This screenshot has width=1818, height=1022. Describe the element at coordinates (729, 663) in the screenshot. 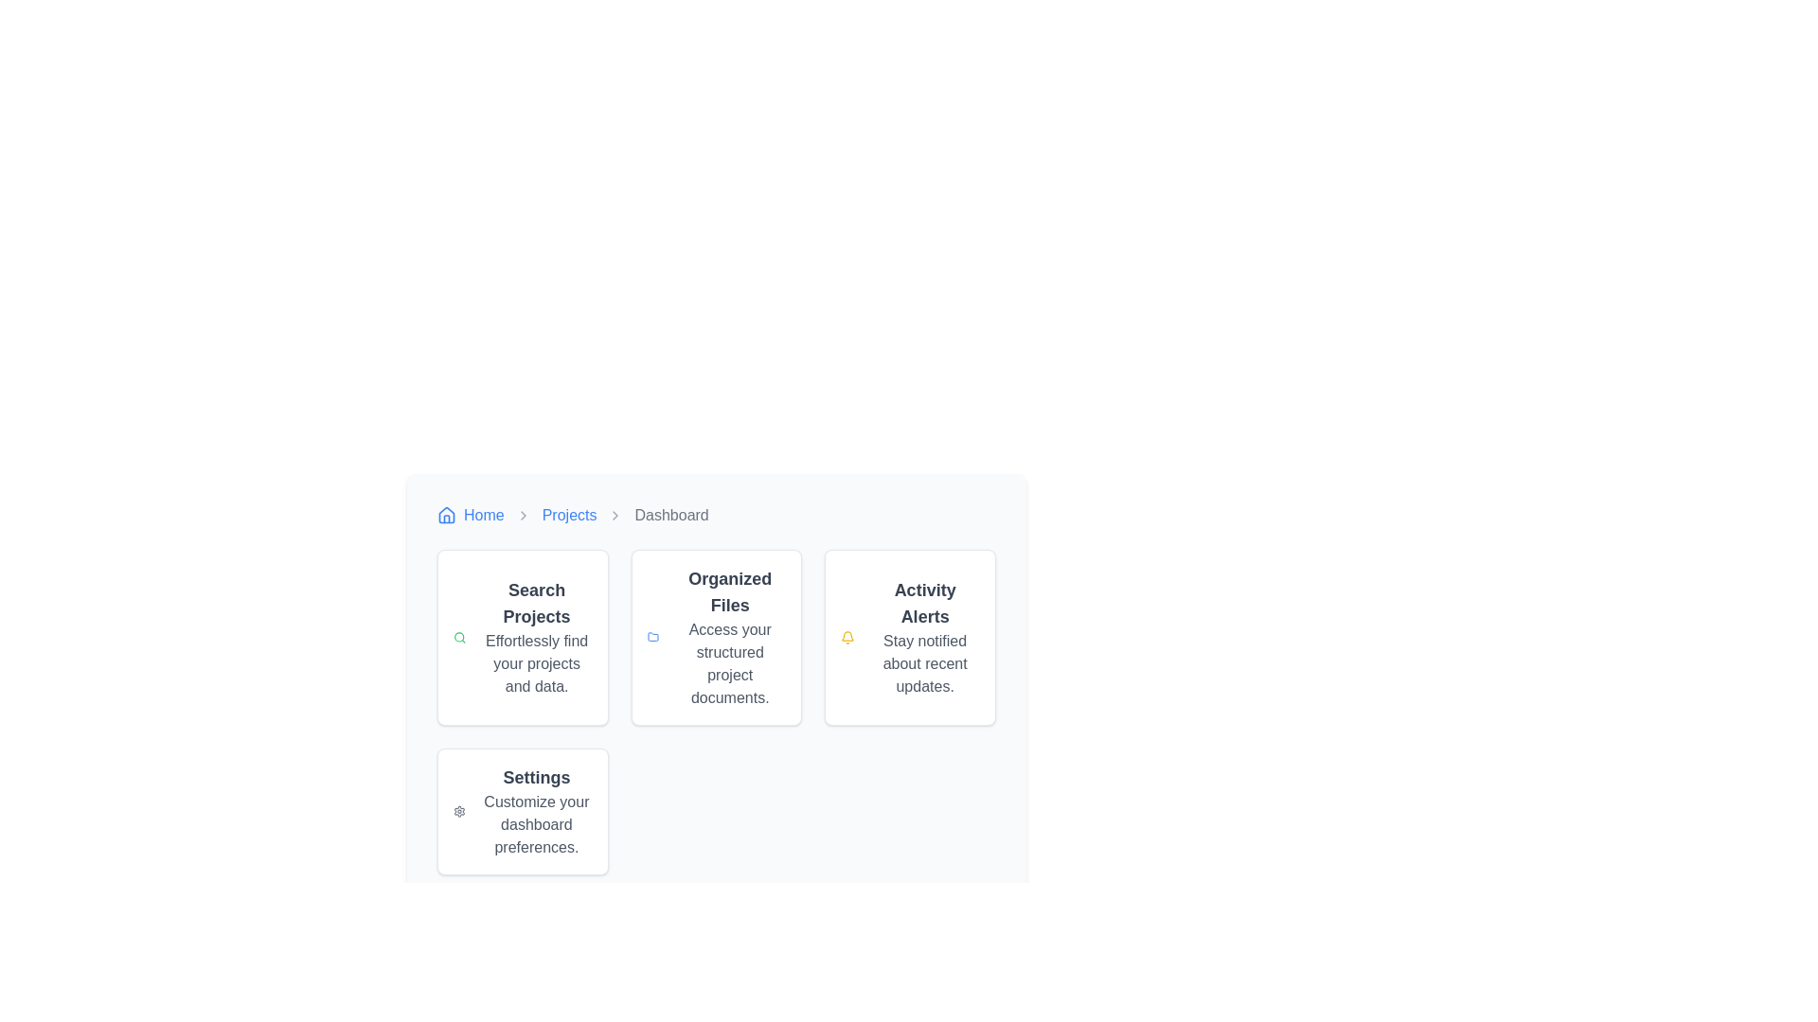

I see `the text label displaying 'Access your structured project documents.' beneath the title 'Organized Files.'` at that location.